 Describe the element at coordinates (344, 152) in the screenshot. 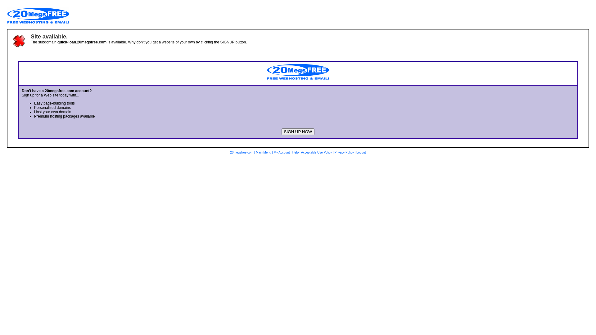

I see `'Privacy Policy'` at that location.